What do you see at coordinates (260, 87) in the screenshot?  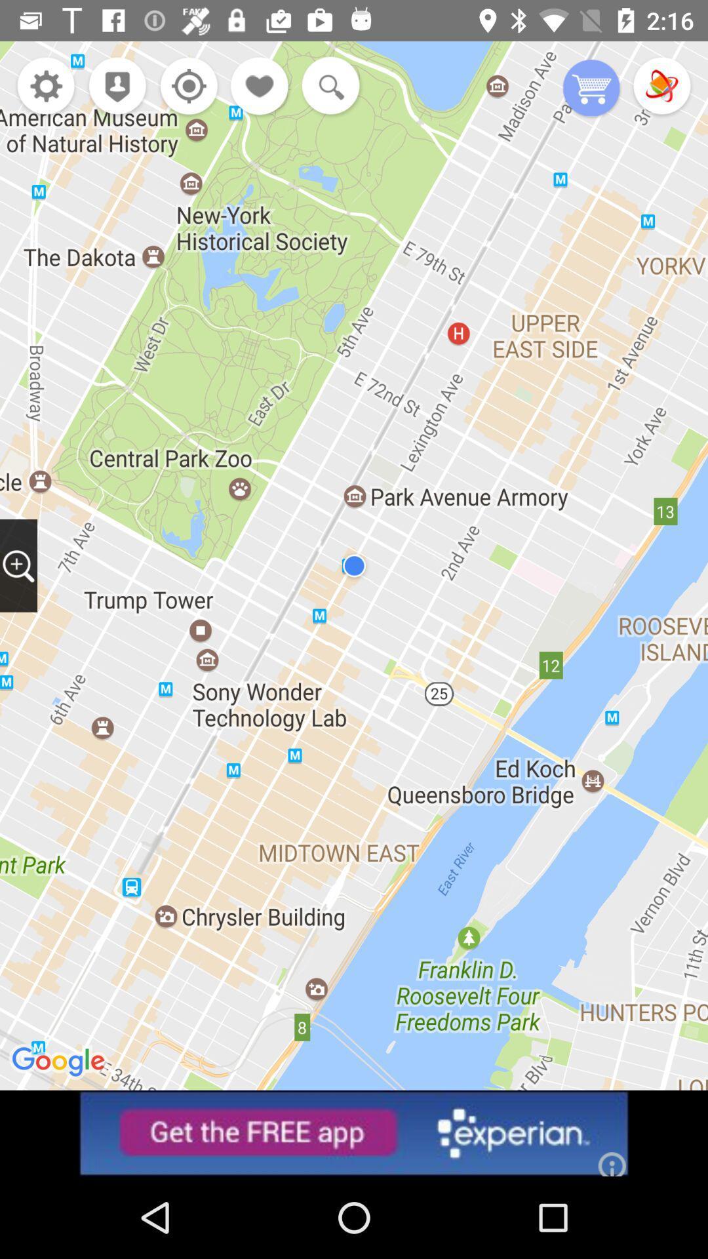 I see `the favorite icon` at bounding box center [260, 87].